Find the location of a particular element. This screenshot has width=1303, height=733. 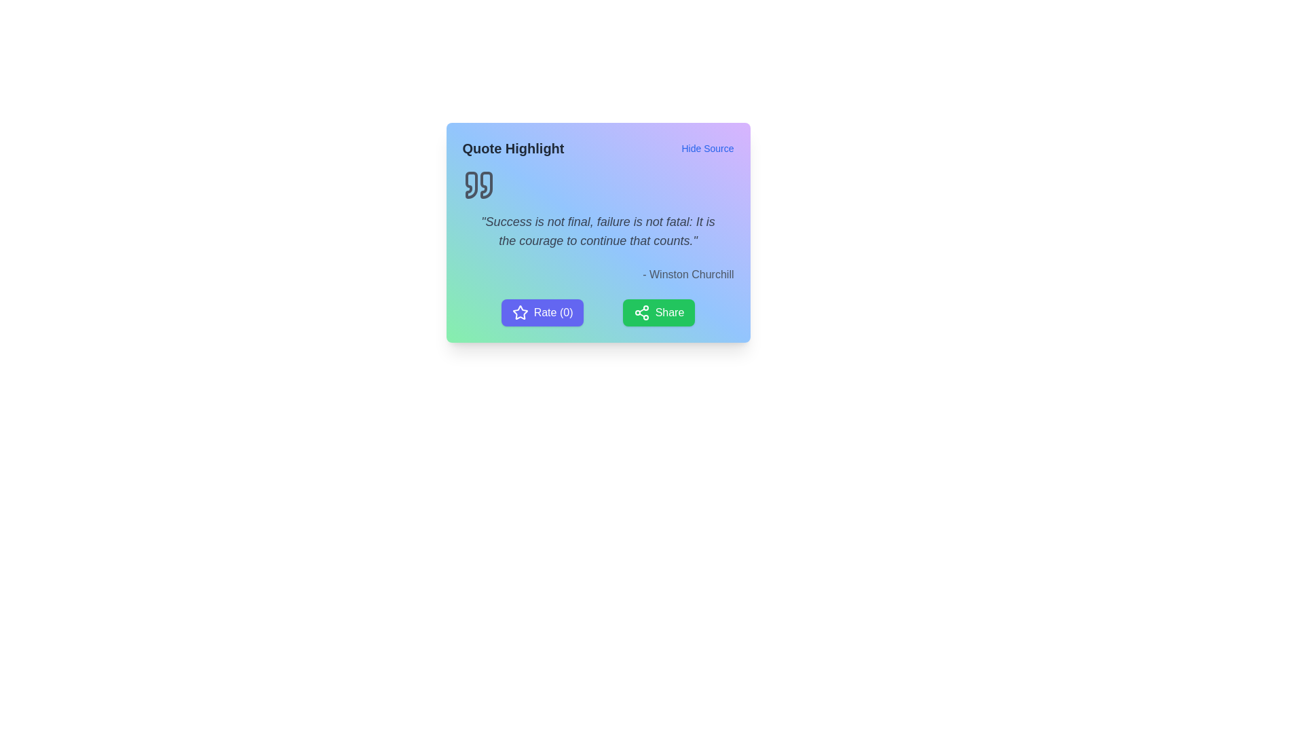

the bold text label displaying 'Quote Highlight' in the header section of the card, which is aligned to the left side is located at coordinates (512, 149).